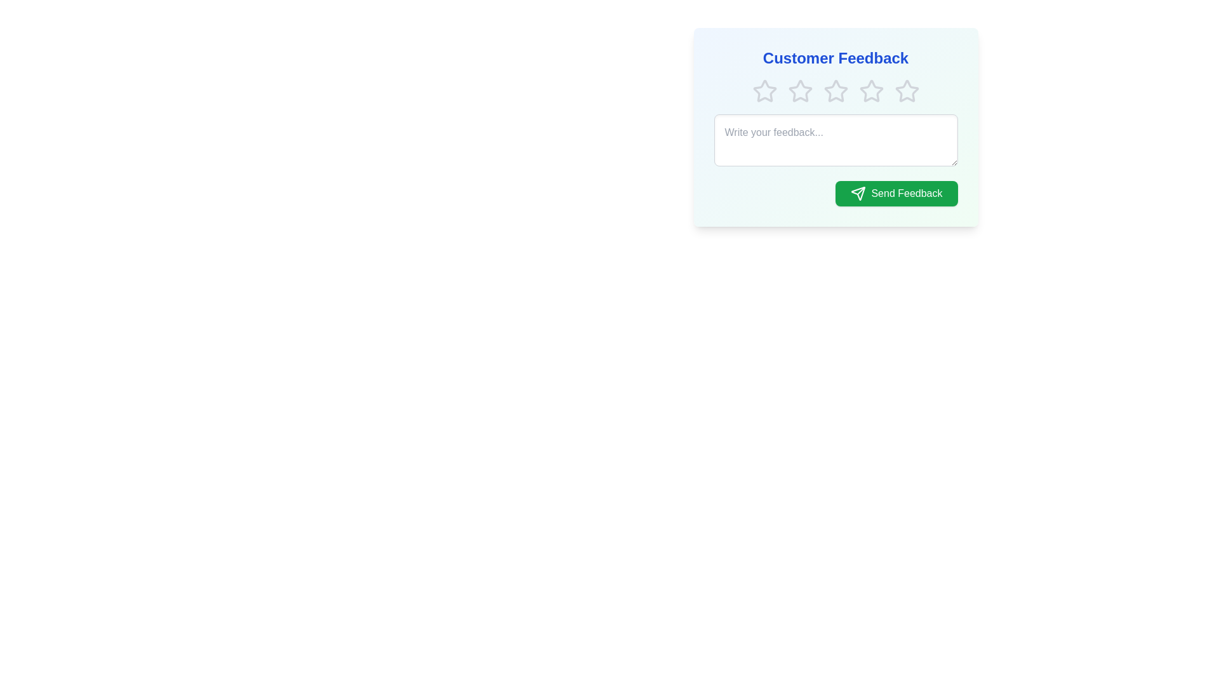  Describe the element at coordinates (870, 90) in the screenshot. I see `the star corresponding to the desired rating 4` at that location.